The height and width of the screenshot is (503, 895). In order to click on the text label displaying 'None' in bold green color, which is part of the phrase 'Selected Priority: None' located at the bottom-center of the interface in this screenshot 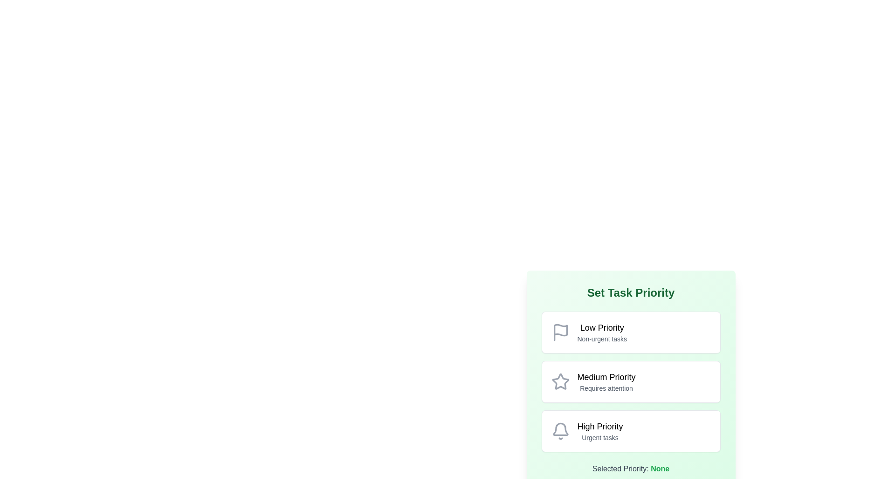, I will do `click(660, 469)`.